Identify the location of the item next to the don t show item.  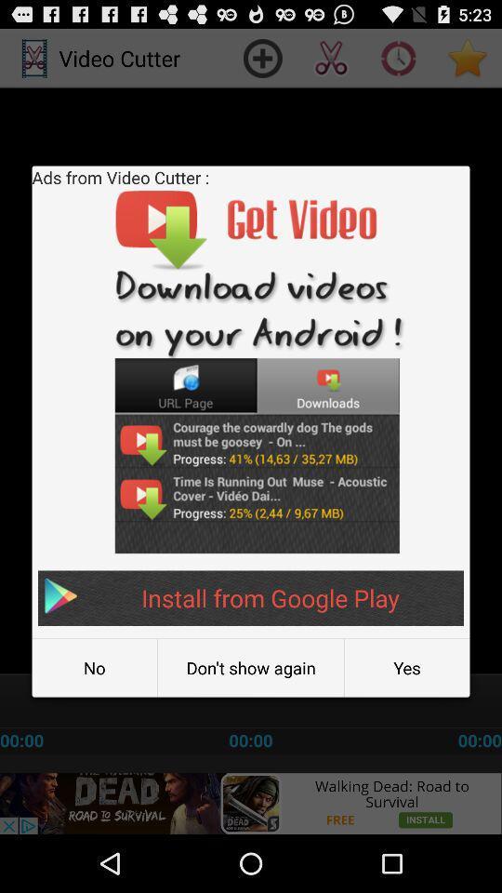
(93, 668).